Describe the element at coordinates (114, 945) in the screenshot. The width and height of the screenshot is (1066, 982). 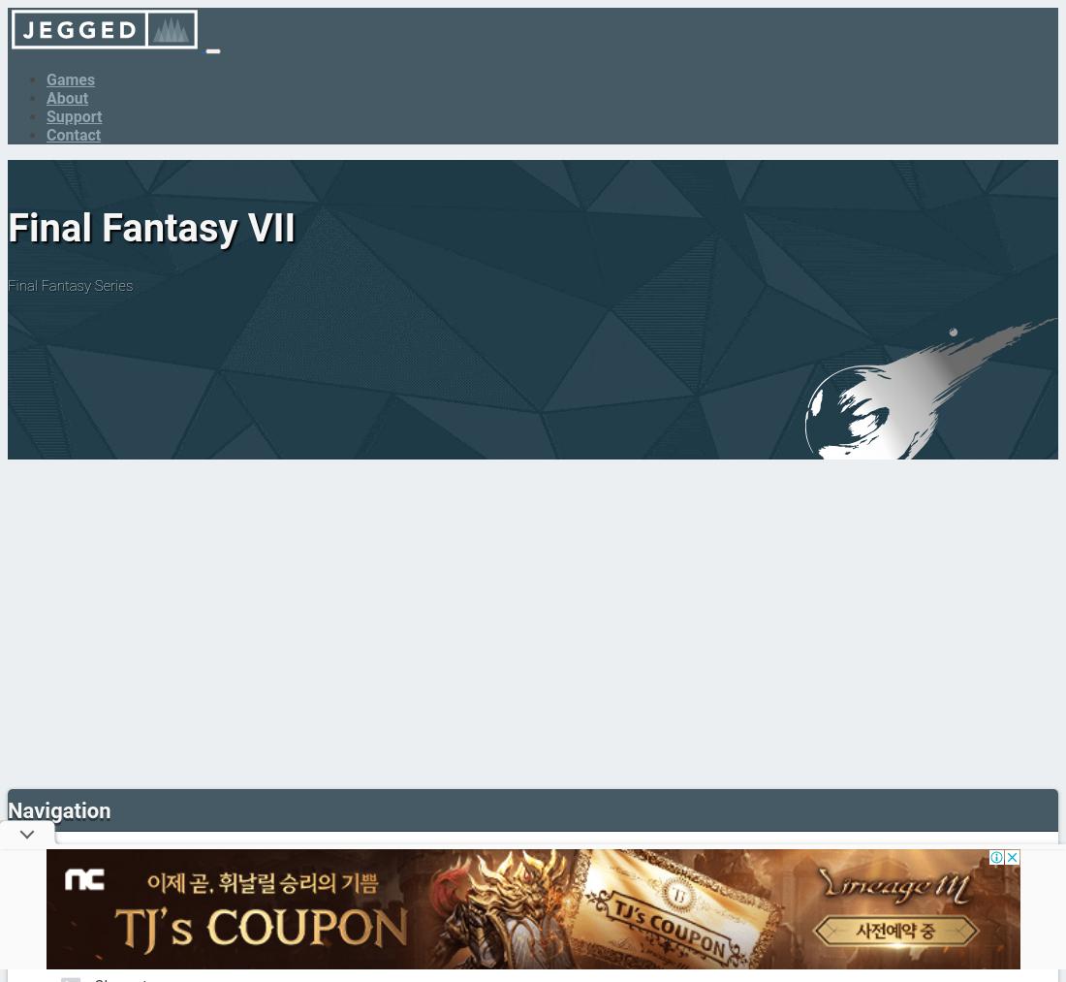
I see `'Armor'` at that location.